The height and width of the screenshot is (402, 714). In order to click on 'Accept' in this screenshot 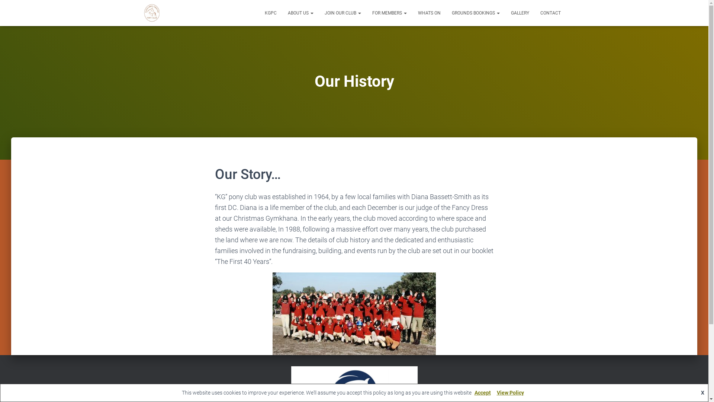, I will do `click(482, 392)`.